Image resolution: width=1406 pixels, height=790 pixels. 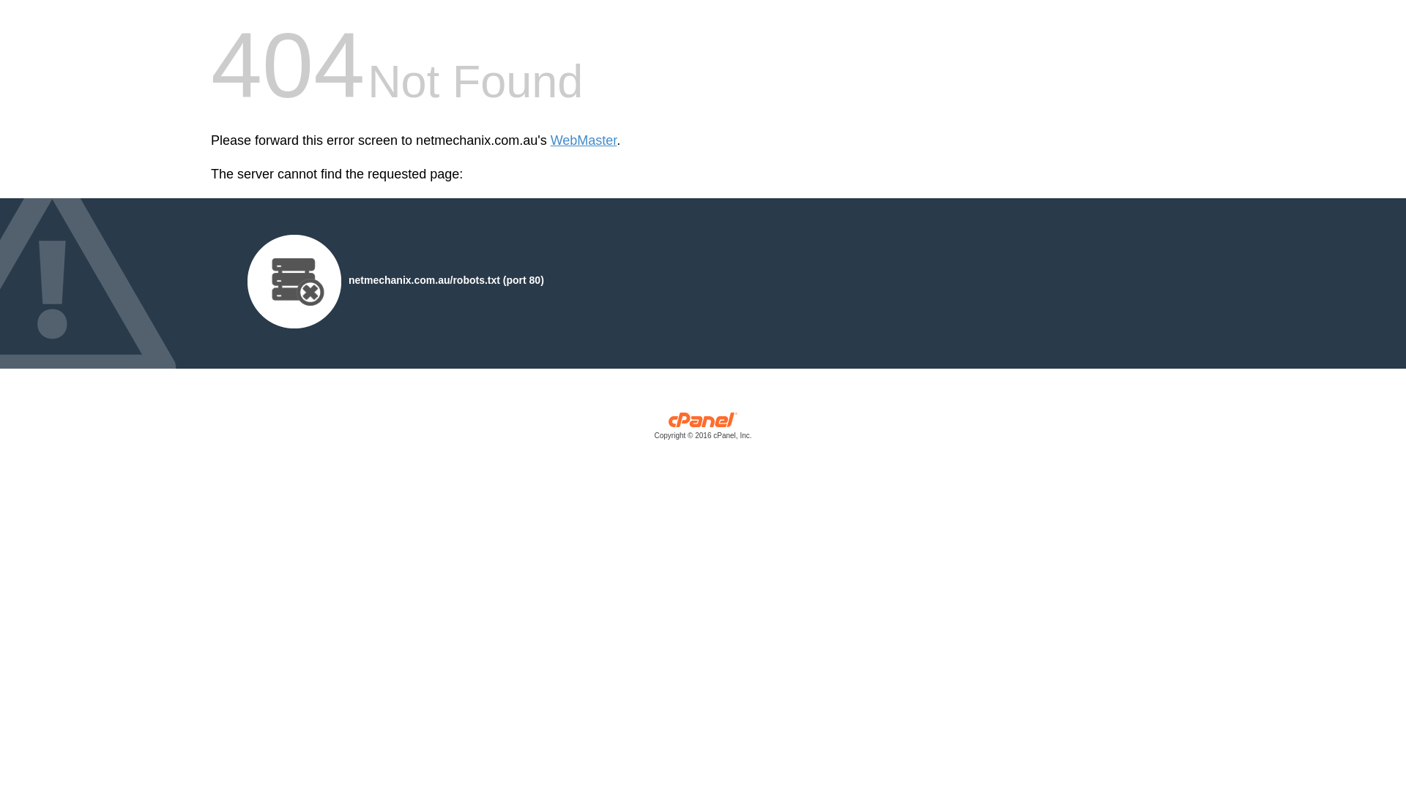 I want to click on 'WebMaster', so click(x=583, y=140).